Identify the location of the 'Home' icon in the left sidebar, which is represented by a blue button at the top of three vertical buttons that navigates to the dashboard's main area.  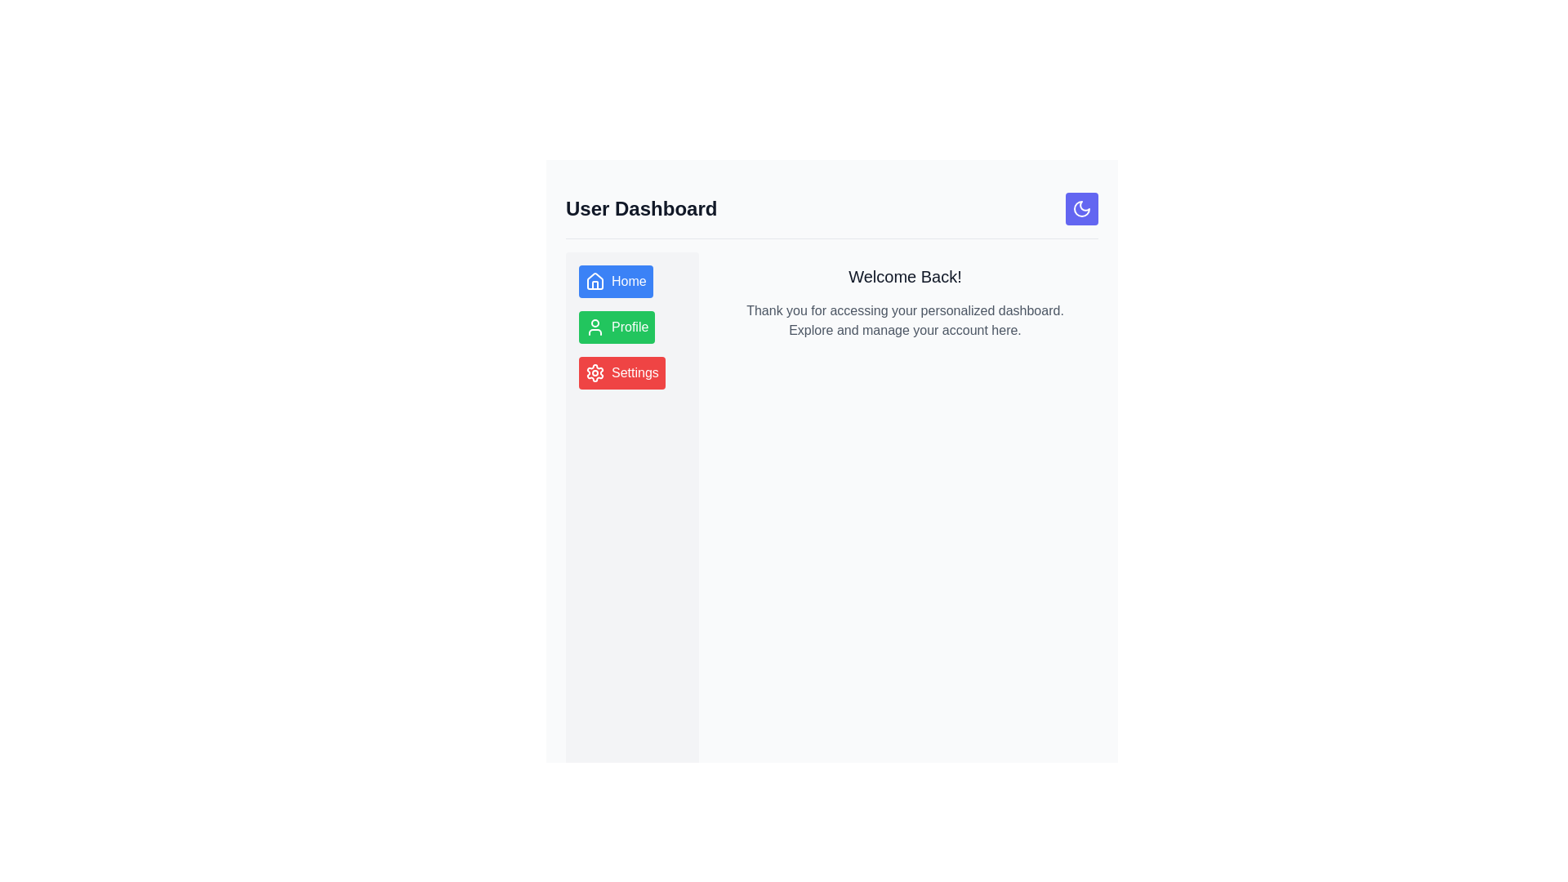
(595, 279).